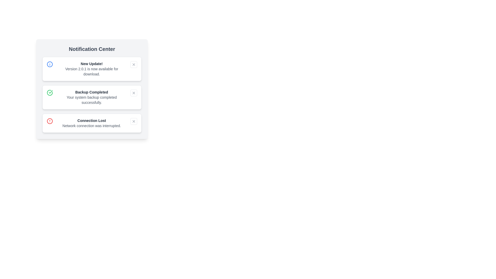 The height and width of the screenshot is (279, 496). I want to click on the text label that displays the message 'Your system backup completed successfully.' located in the lower portion of the notification card under the heading 'Backup Completed.', so click(92, 100).